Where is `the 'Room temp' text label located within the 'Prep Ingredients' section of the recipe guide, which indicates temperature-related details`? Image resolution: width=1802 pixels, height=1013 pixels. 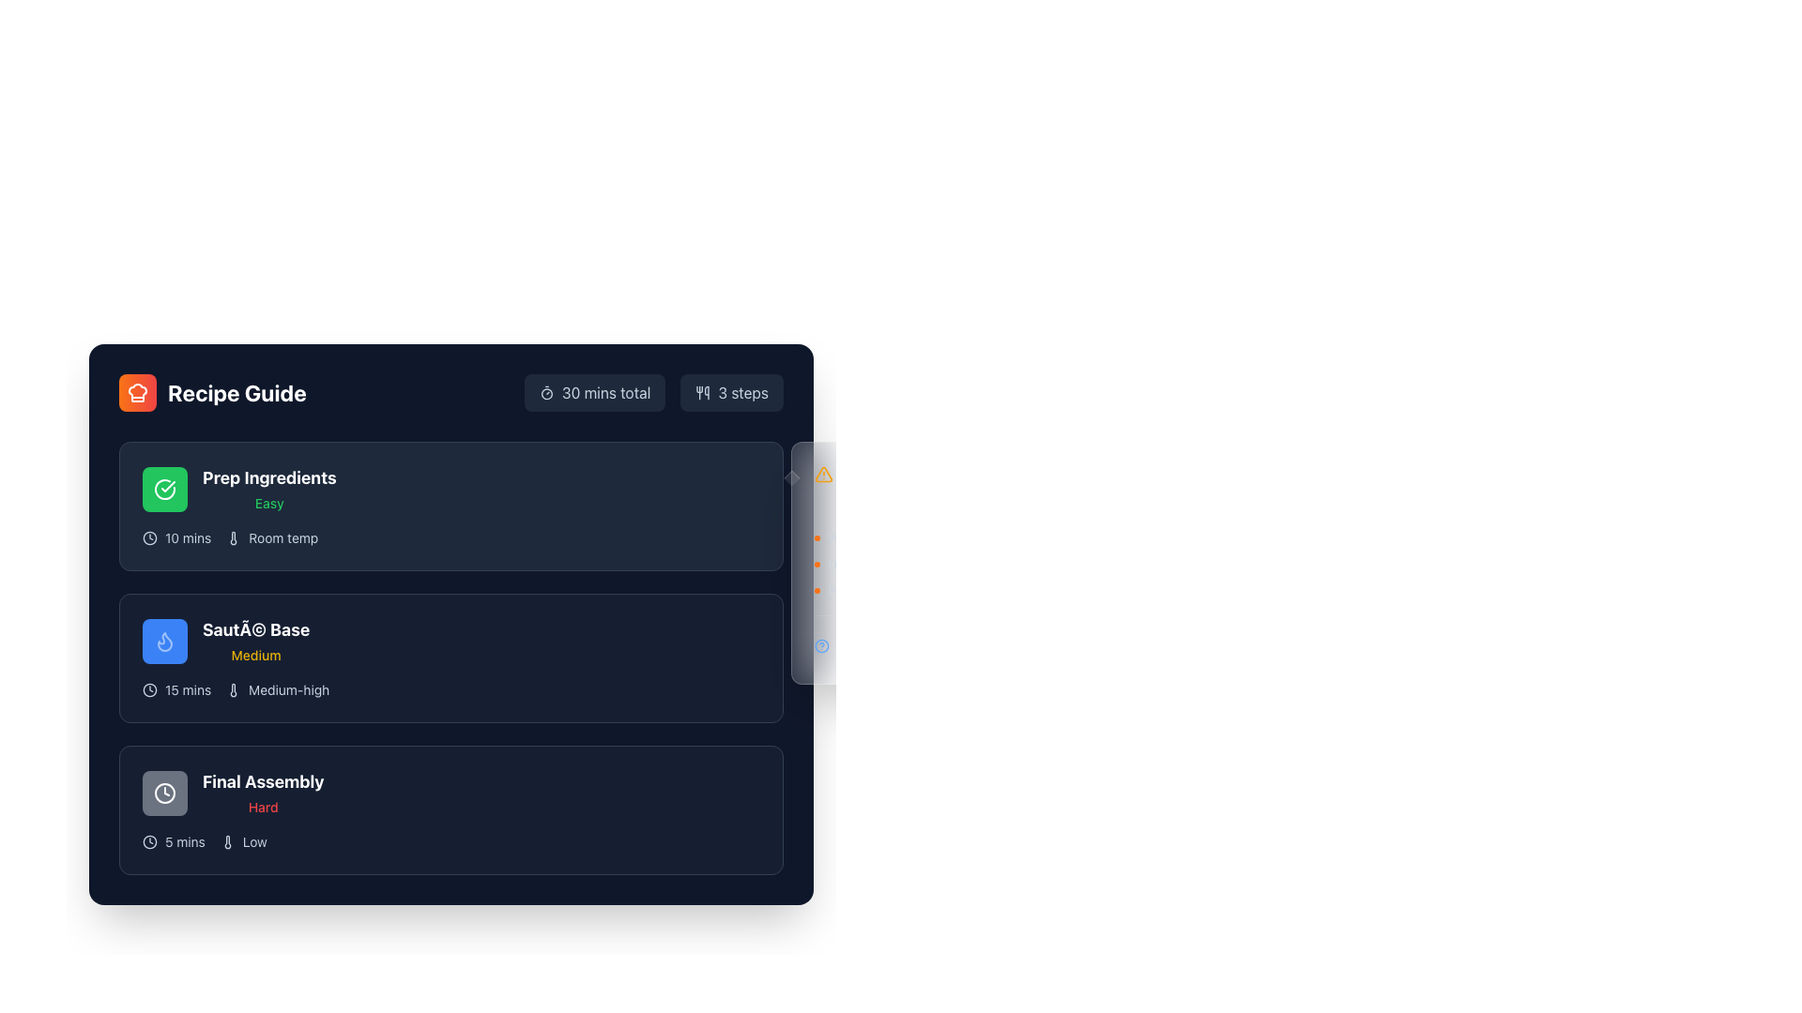
the 'Room temp' text label located within the 'Prep Ingredients' section of the recipe guide, which indicates temperature-related details is located at coordinates (283, 538).